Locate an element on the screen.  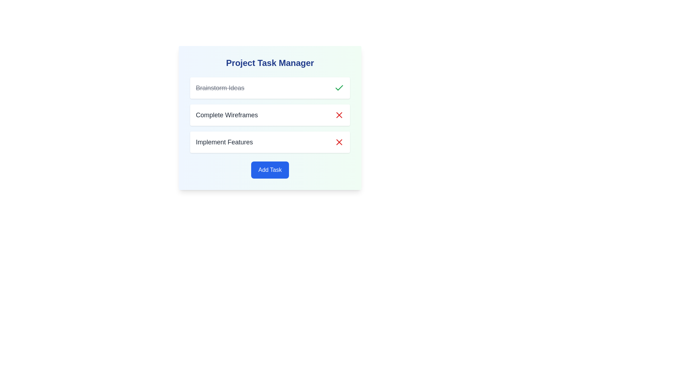
the text label displaying 'Complete Wireframes', which is centrally located in the second task card of the project task manager interface is located at coordinates (227, 115).